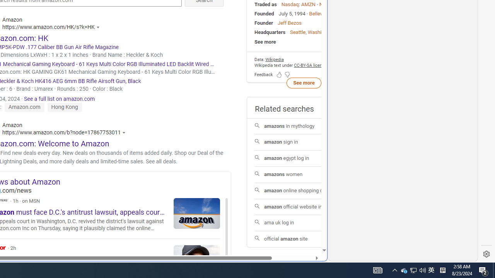 This screenshot has height=278, width=495. What do you see at coordinates (303, 207) in the screenshot?
I see `'amazon official website india'` at bounding box center [303, 207].